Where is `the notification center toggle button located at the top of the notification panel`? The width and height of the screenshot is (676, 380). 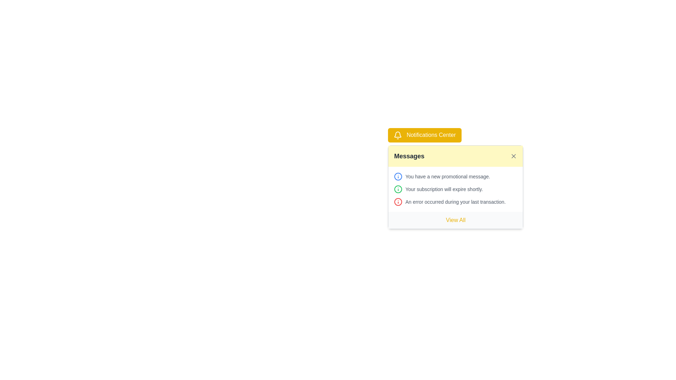
the notification center toggle button located at the top of the notification panel is located at coordinates (424, 135).